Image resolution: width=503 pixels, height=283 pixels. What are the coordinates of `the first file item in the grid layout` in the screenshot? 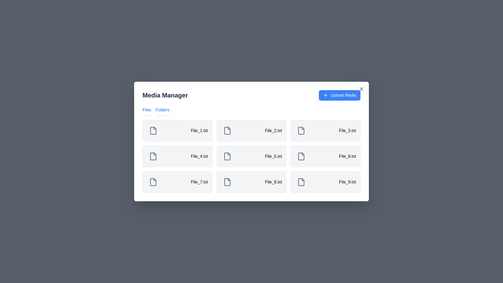 It's located at (177, 130).